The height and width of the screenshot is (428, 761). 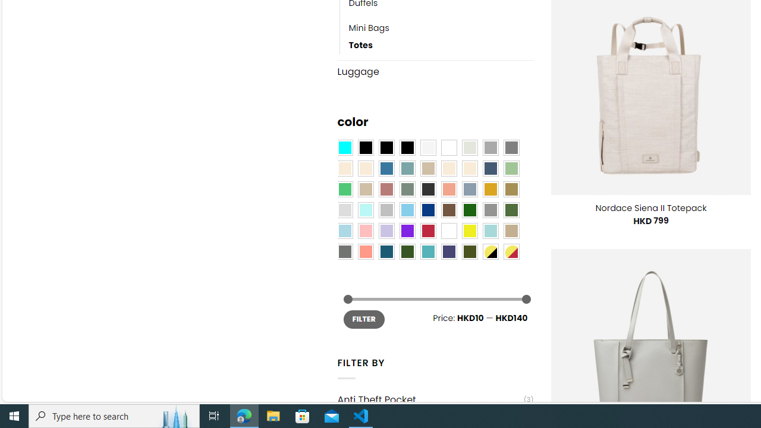 What do you see at coordinates (407, 168) in the screenshot?
I see `'Blue Sage'` at bounding box center [407, 168].